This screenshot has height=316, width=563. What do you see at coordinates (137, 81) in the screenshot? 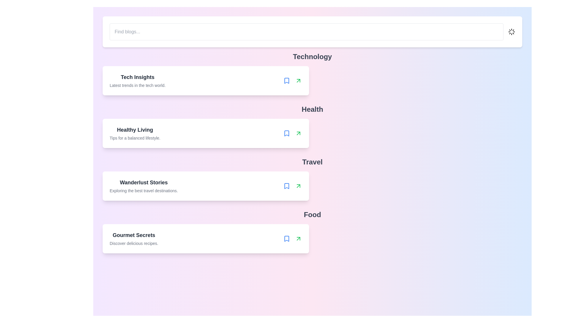
I see `the 'Tech Insights' text block, which features a bold title and a smaller subtitle` at bounding box center [137, 81].